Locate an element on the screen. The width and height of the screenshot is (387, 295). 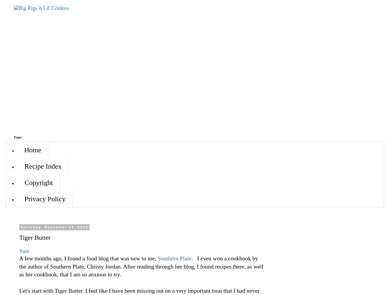
'Home' is located at coordinates (32, 150).